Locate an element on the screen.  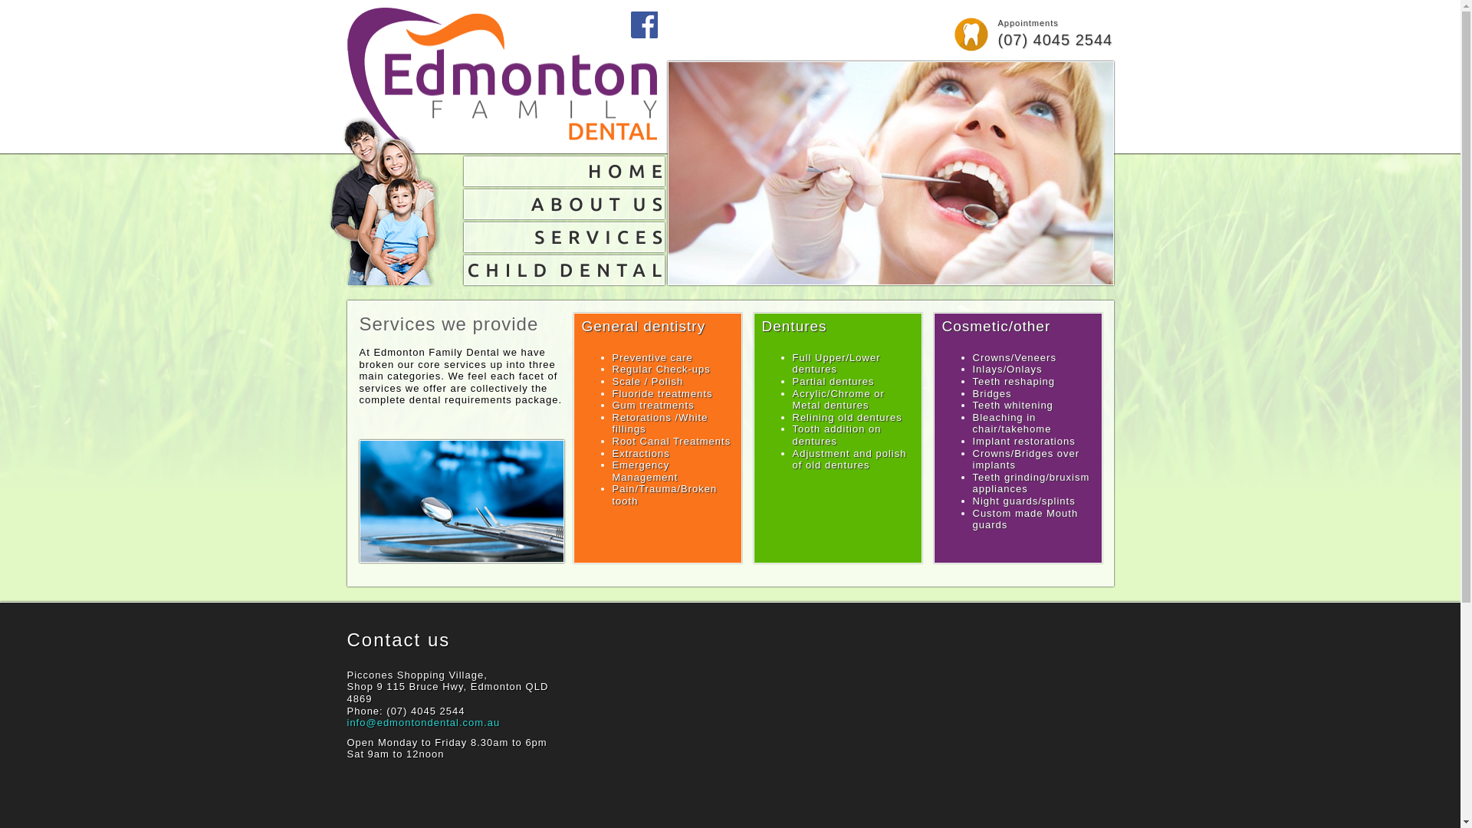
'info@edmontondental.com.au' is located at coordinates (423, 722).